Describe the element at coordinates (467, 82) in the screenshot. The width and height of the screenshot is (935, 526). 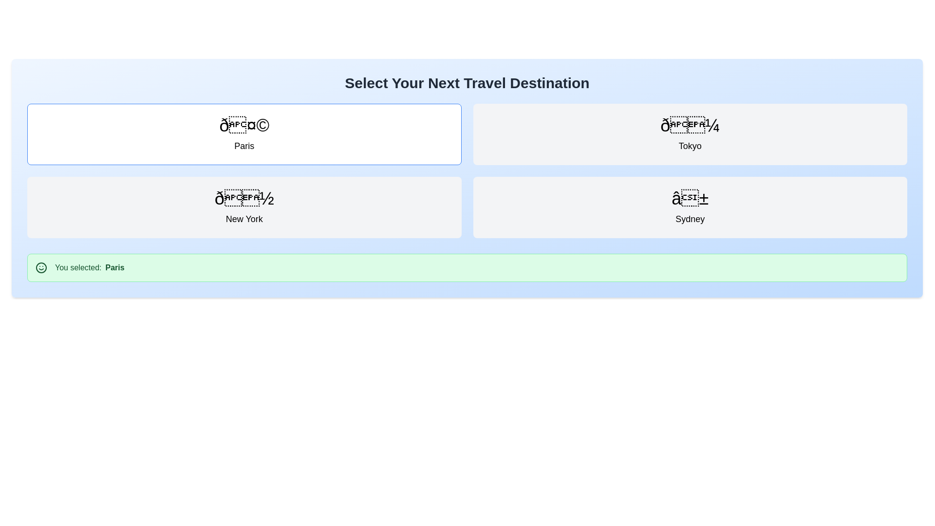
I see `the header text that provides the title and context for selecting a travel destination, located at the top center of the layout` at that location.